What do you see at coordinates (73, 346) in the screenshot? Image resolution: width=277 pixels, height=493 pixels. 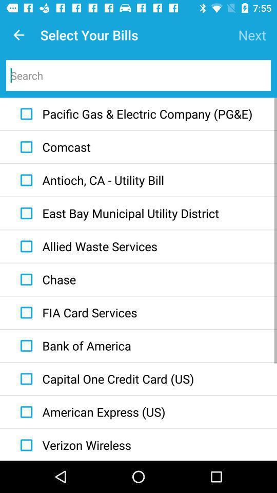 I see `item below the fia card services icon` at bounding box center [73, 346].